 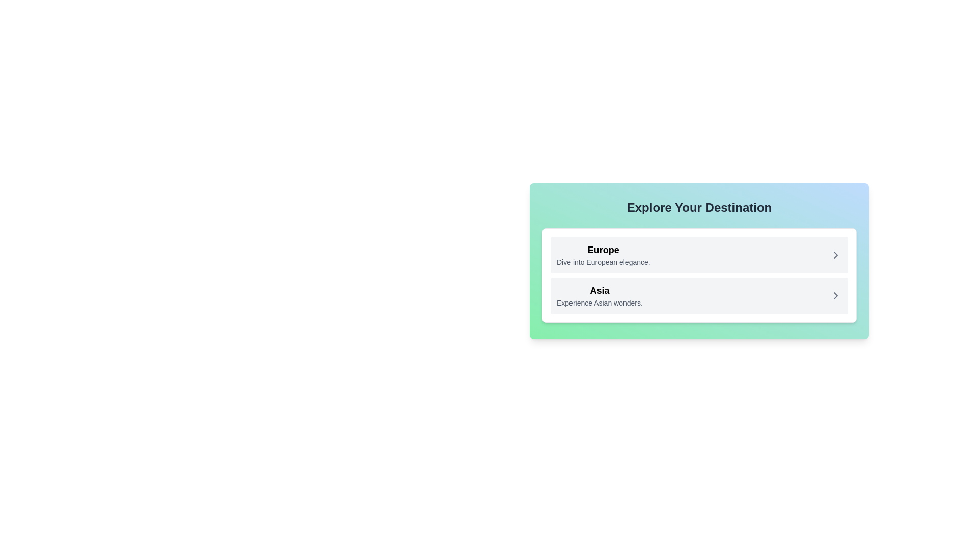 What do you see at coordinates (600, 302) in the screenshot?
I see `the text snippet stating 'Experience Asian wonders.' located under the title 'Asia' in the card interface` at bounding box center [600, 302].